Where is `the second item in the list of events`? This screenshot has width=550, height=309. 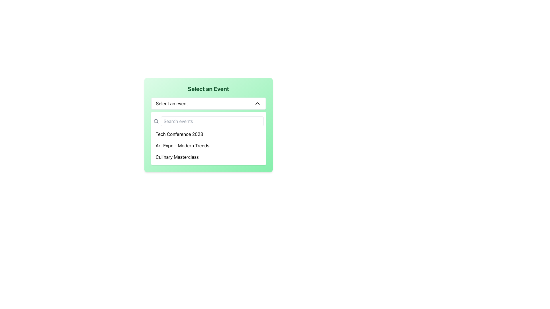
the second item in the list of events is located at coordinates (208, 138).